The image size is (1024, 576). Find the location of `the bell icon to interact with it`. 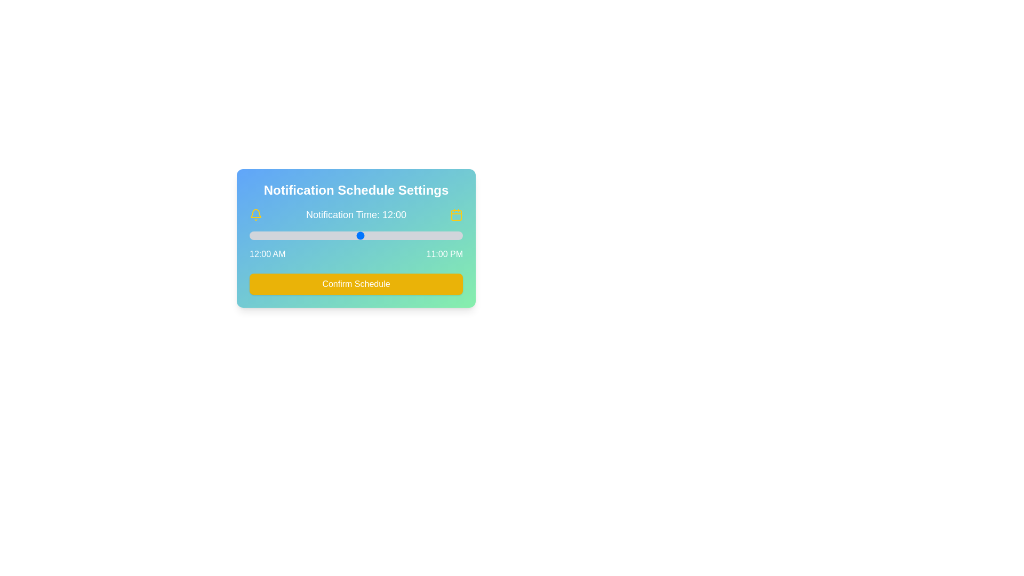

the bell icon to interact with it is located at coordinates (256, 214).